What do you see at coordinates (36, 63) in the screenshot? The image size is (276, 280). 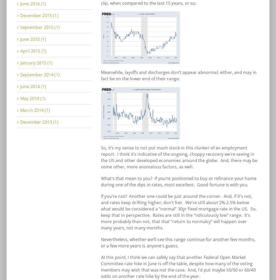 I see `'January 2015 (1)'` at bounding box center [36, 63].